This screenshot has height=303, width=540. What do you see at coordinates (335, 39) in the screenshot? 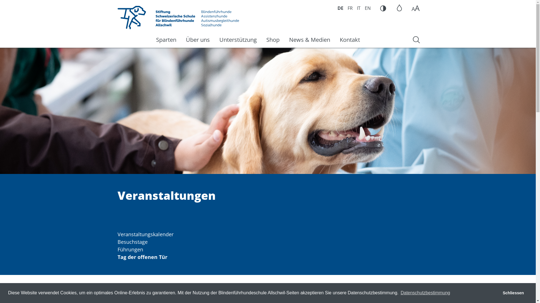
I see `'Kontakt'` at bounding box center [335, 39].